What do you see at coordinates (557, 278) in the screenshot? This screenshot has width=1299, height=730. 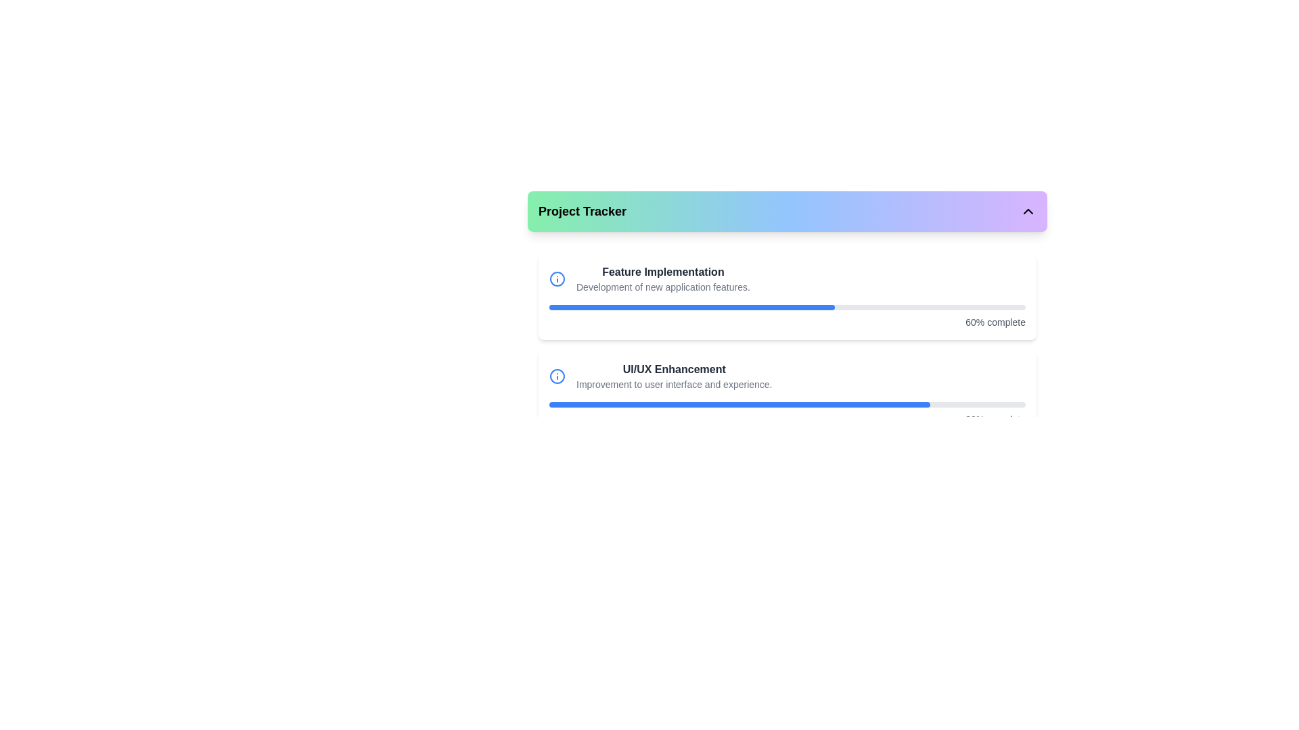 I see `the blue circular information icon with a white 'i' symbol, located to the left of the 'Feature Implementation' section title` at bounding box center [557, 278].